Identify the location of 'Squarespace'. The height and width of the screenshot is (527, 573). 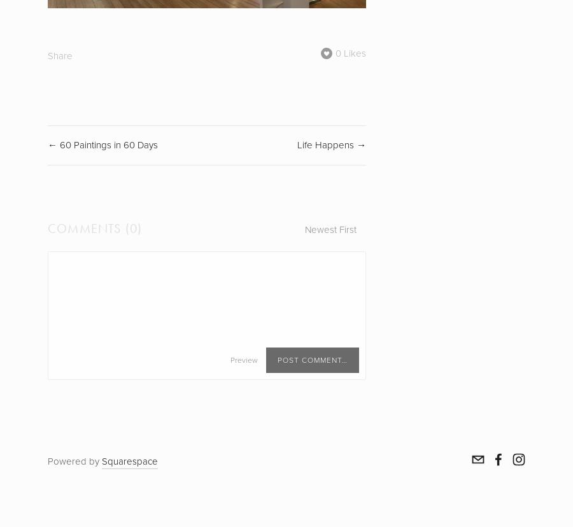
(130, 461).